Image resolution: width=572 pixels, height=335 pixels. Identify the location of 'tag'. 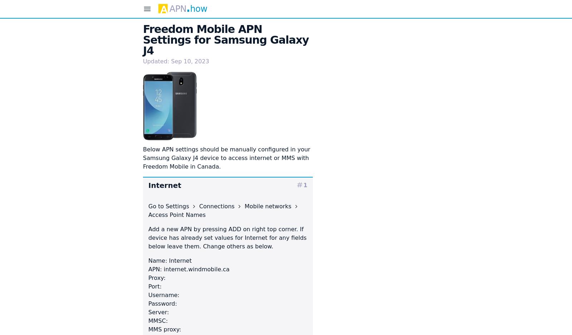
(295, 185).